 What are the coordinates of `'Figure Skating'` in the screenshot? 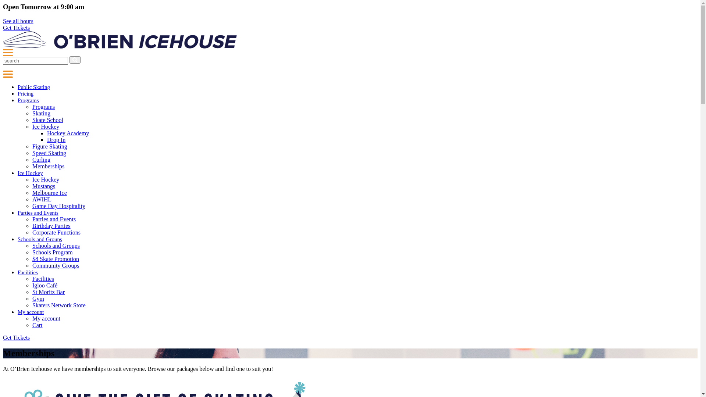 It's located at (49, 146).